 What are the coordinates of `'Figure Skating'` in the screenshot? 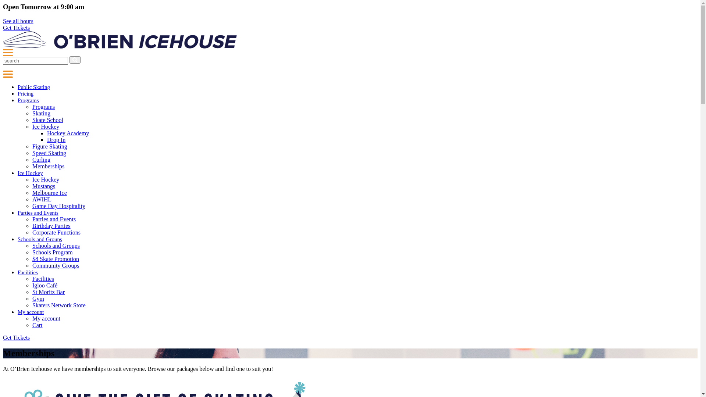 It's located at (49, 146).